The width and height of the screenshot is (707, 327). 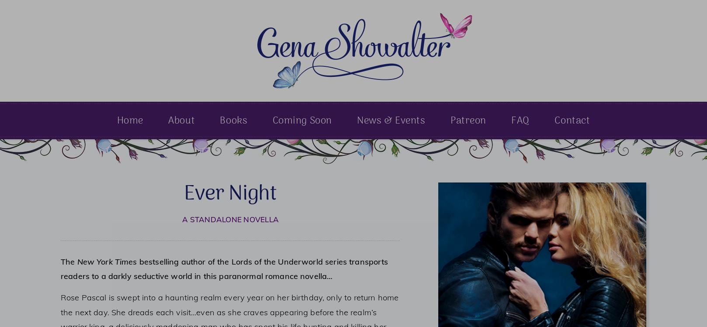 What do you see at coordinates (230, 218) in the screenshot?
I see `'A Standalone Novella'` at bounding box center [230, 218].